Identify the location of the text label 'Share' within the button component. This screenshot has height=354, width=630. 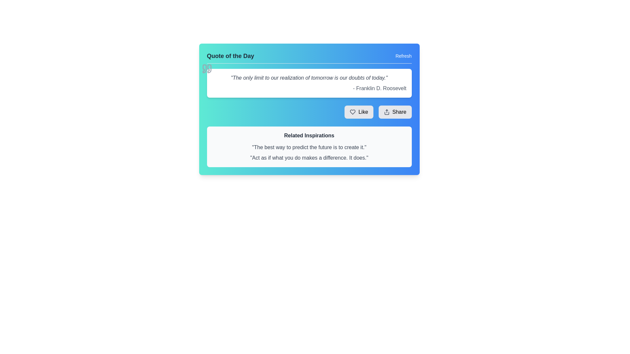
(399, 112).